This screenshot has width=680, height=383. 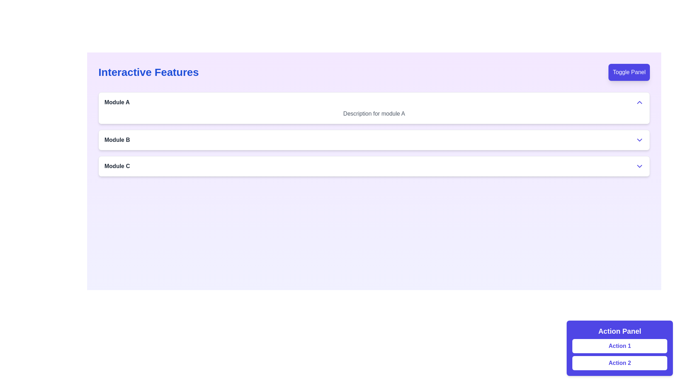 I want to click on the button labeled 'Action 1', so click(x=619, y=348).